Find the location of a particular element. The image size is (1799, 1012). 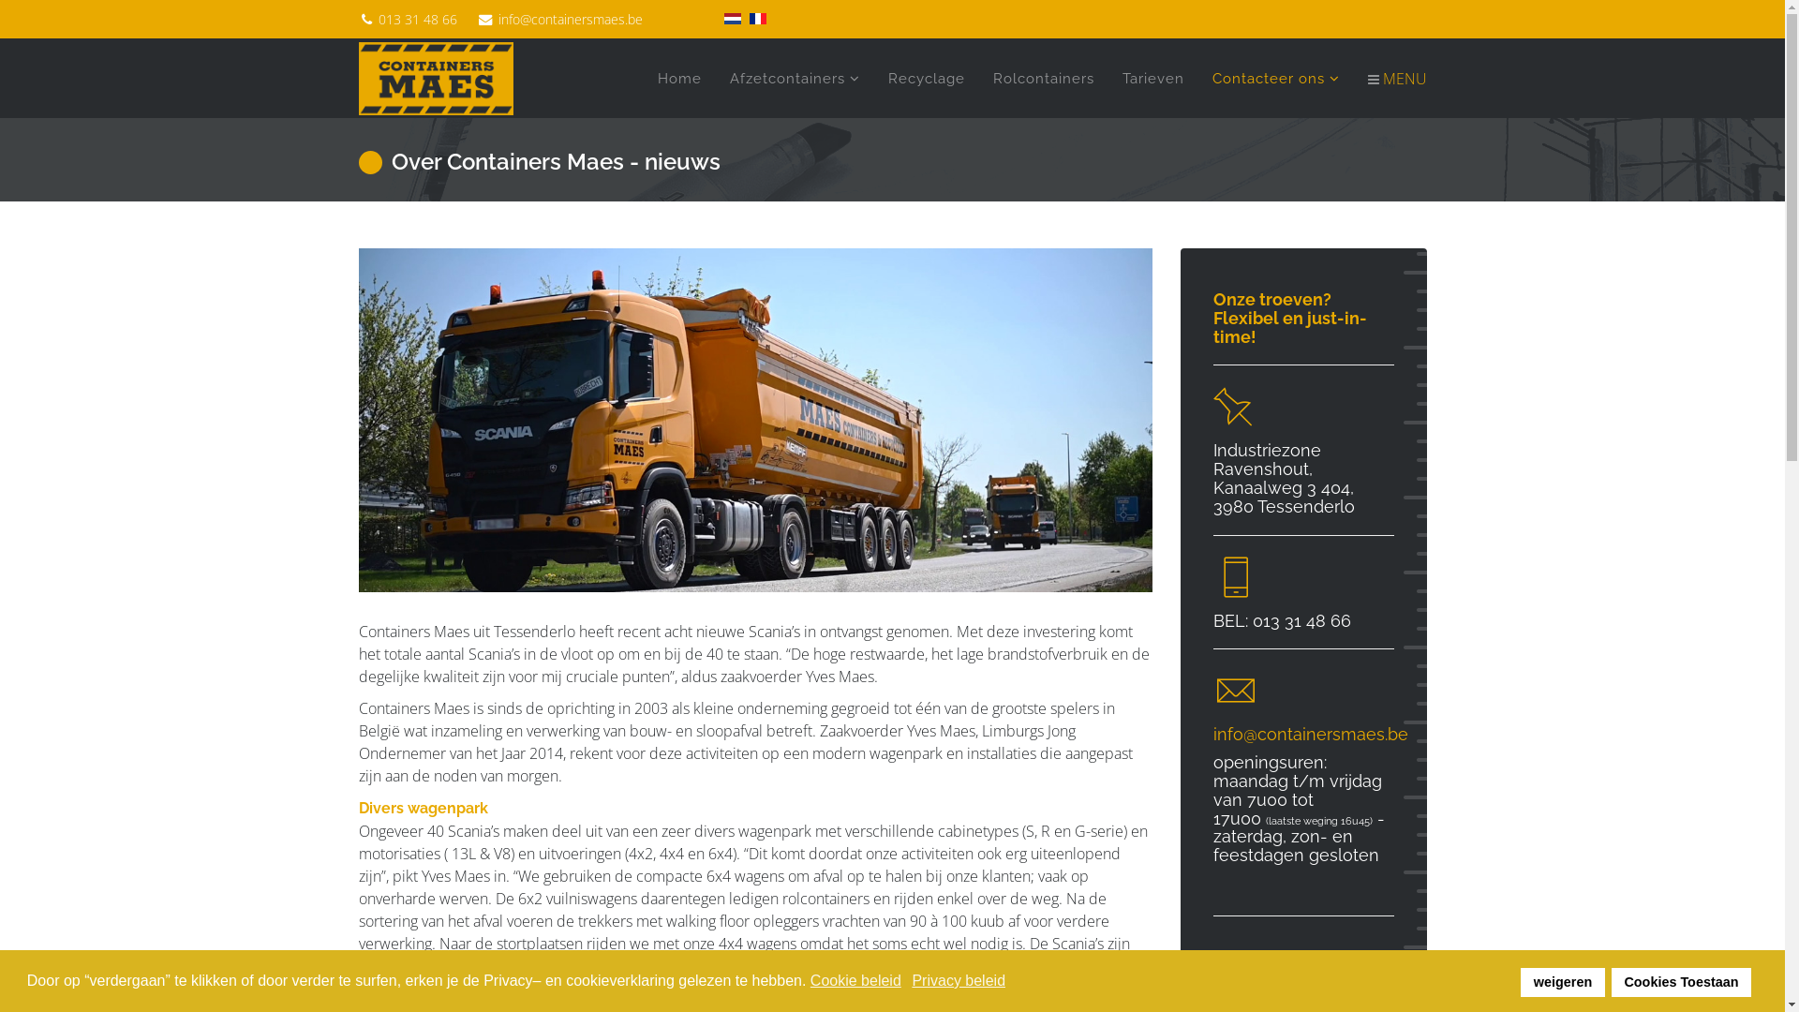

'Contacteer ons' is located at coordinates (1274, 78).